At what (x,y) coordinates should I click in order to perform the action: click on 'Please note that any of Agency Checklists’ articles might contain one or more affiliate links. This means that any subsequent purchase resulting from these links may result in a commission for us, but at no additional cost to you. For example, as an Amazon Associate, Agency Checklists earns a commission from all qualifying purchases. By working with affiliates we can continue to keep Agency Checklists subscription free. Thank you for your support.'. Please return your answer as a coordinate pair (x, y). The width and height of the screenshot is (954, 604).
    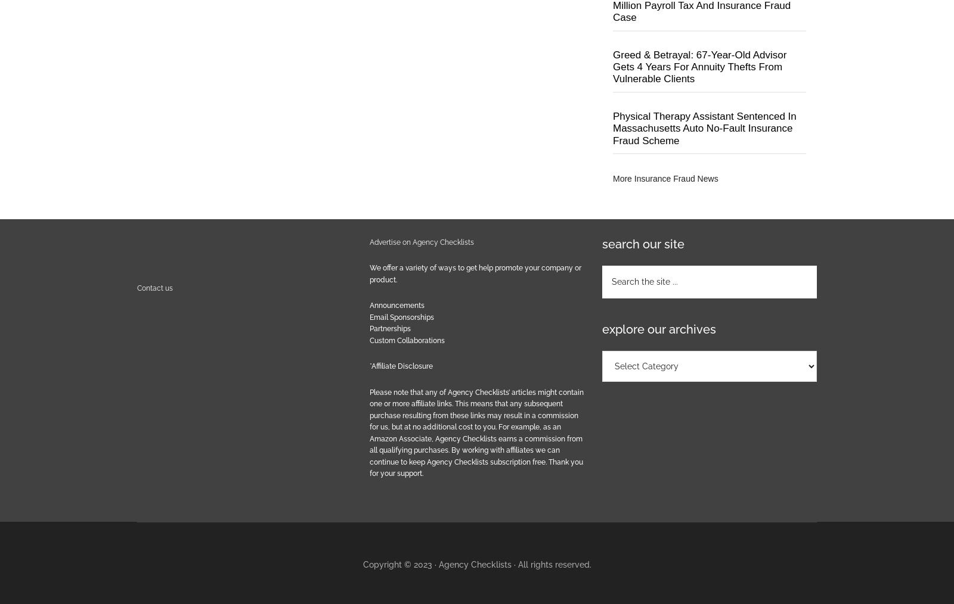
    Looking at the image, I should click on (476, 432).